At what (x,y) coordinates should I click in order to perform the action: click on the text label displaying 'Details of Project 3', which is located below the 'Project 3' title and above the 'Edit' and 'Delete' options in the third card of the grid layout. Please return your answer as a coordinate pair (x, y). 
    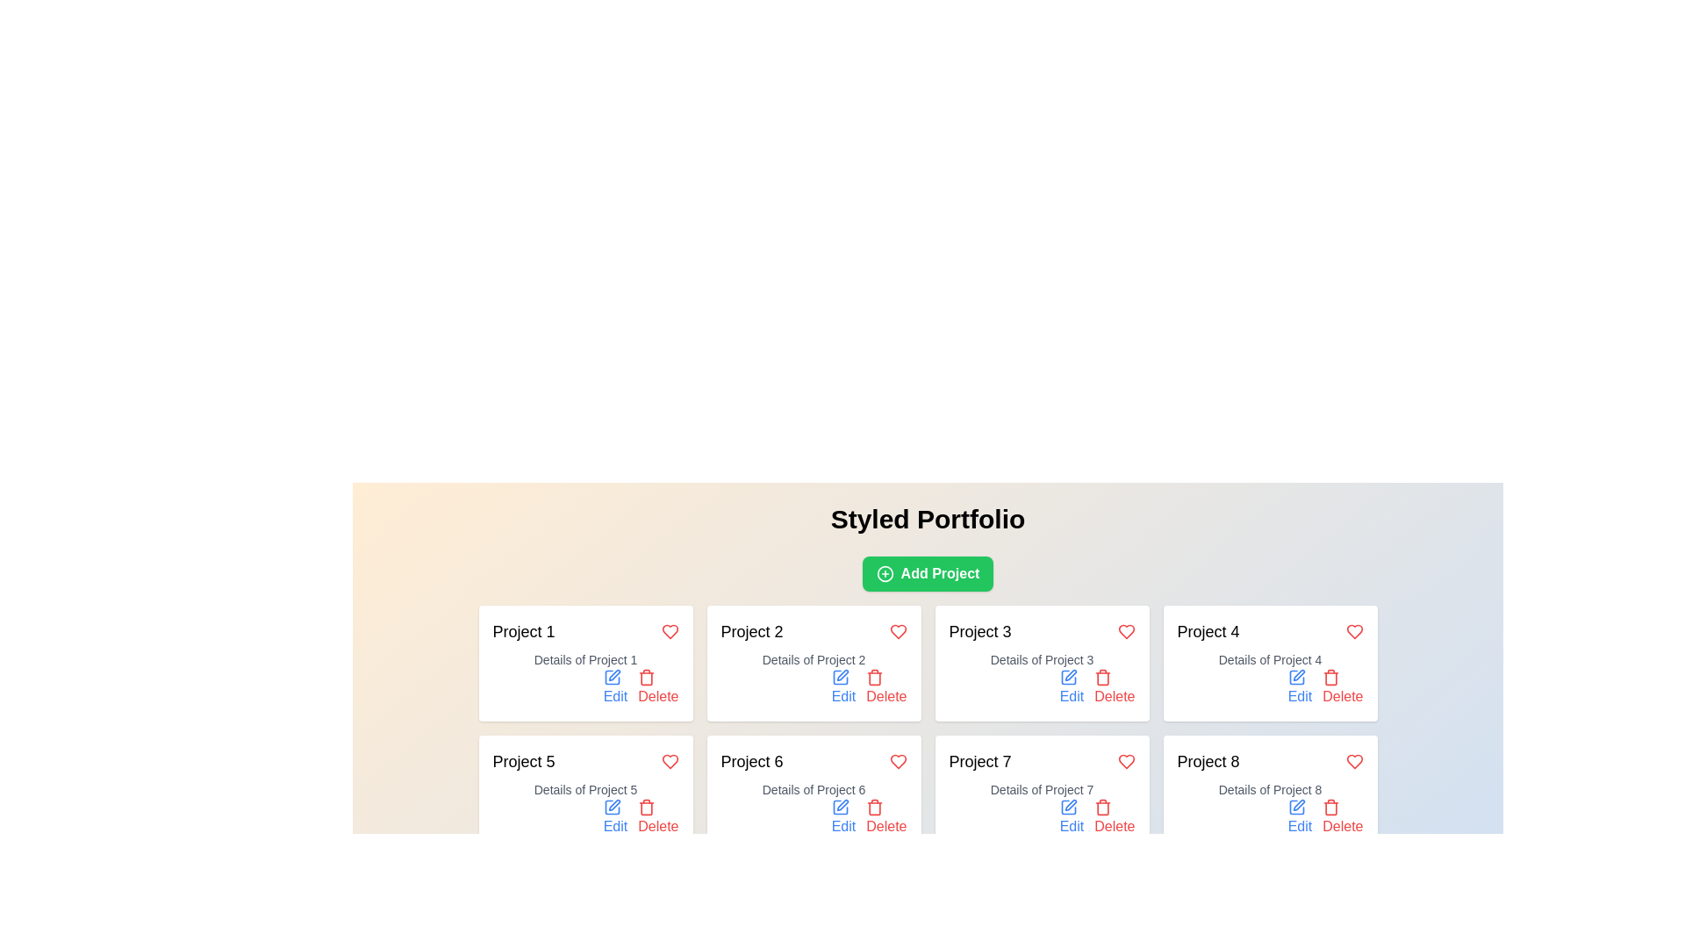
    Looking at the image, I should click on (1042, 660).